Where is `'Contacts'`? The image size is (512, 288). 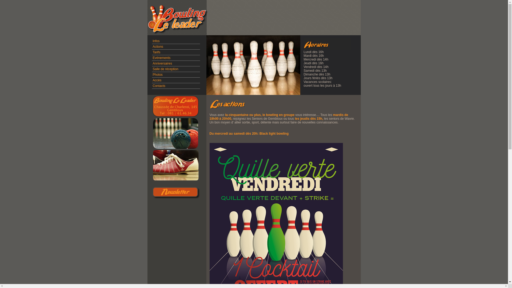
'Contacts' is located at coordinates (158, 85).